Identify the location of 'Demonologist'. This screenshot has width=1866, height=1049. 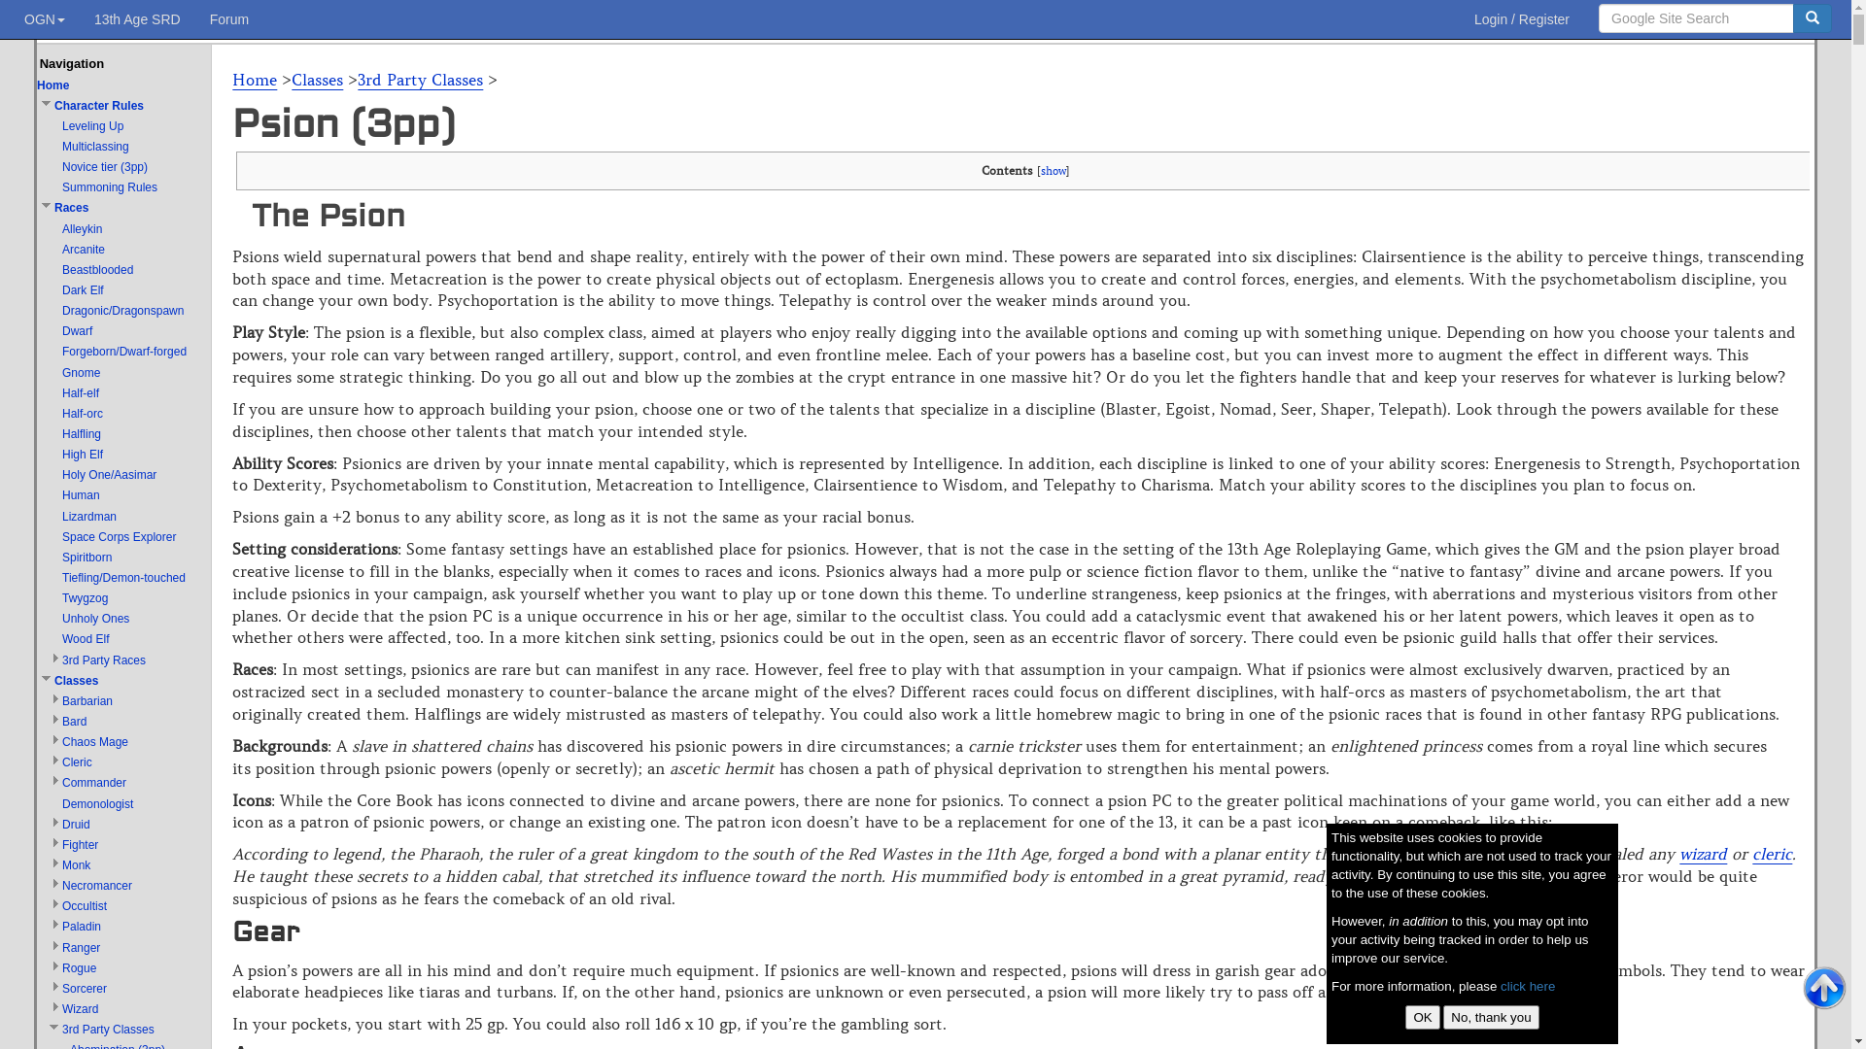
(96, 804).